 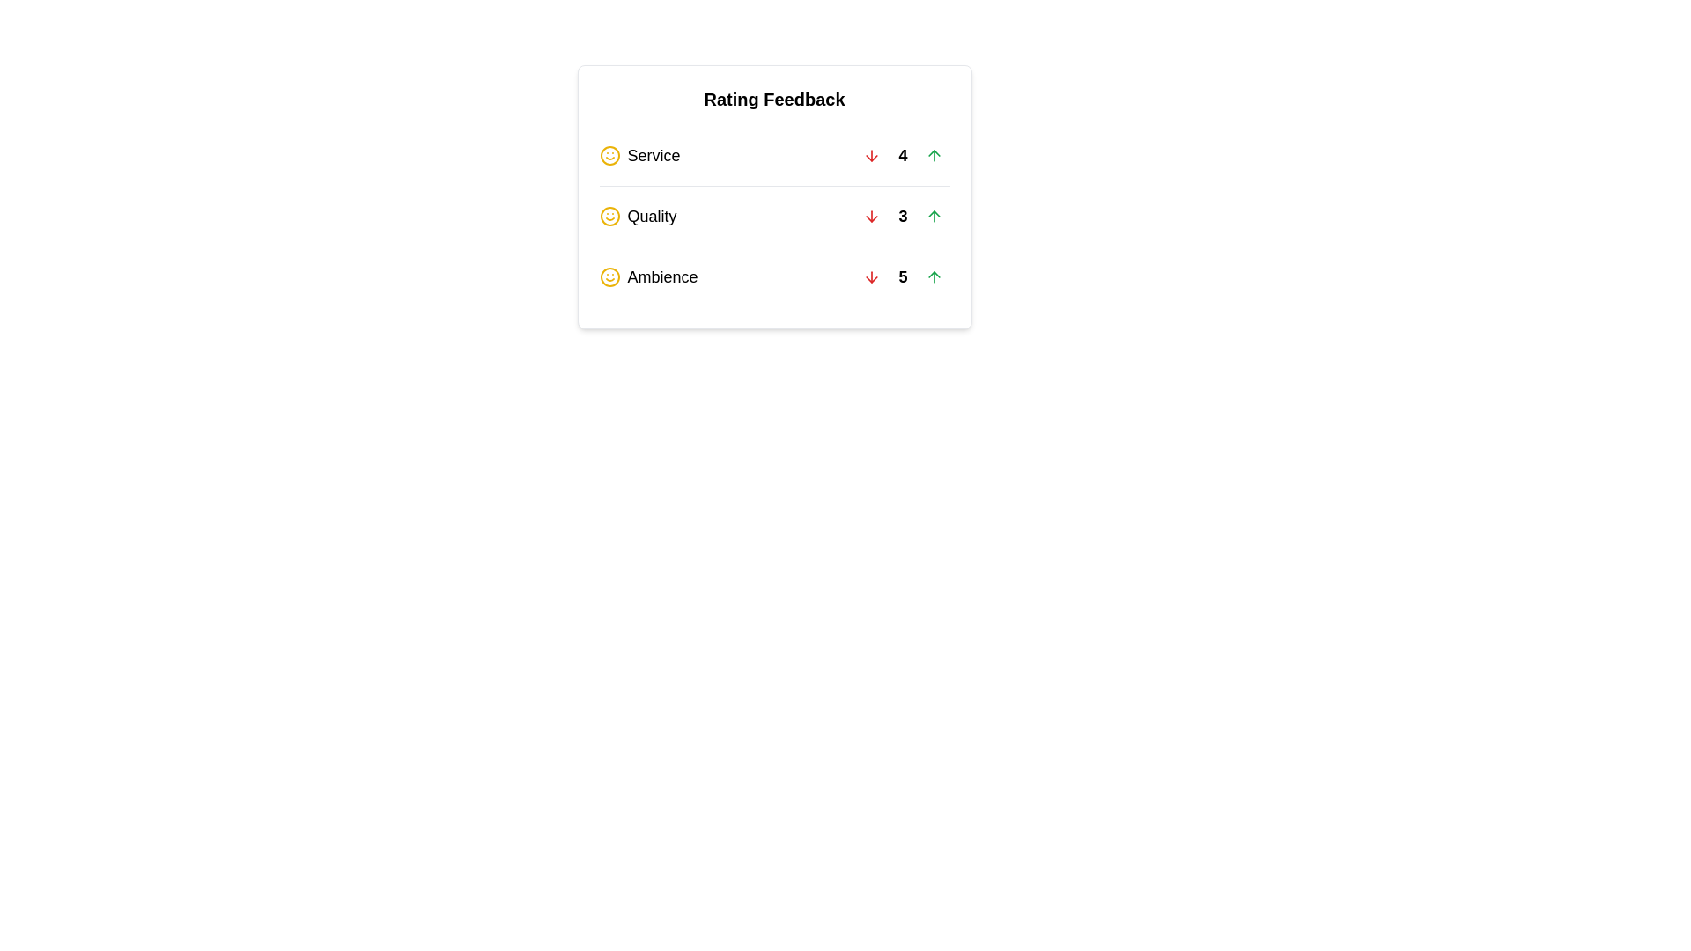 What do you see at coordinates (774, 216) in the screenshot?
I see `the 'Quality' rating row within the 'Rating Feedback' panel, which is the second row in the structured feedback layout` at bounding box center [774, 216].